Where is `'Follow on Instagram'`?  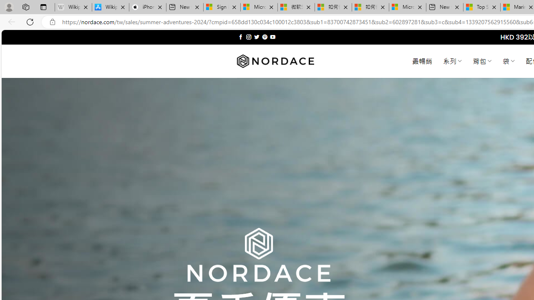 'Follow on Instagram' is located at coordinates (248, 37).